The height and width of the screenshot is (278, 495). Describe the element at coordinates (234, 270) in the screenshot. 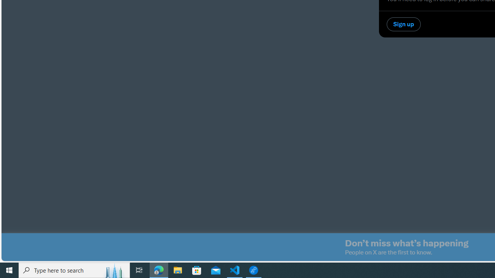

I see `'Visual Studio Code - 1 running window'` at that location.